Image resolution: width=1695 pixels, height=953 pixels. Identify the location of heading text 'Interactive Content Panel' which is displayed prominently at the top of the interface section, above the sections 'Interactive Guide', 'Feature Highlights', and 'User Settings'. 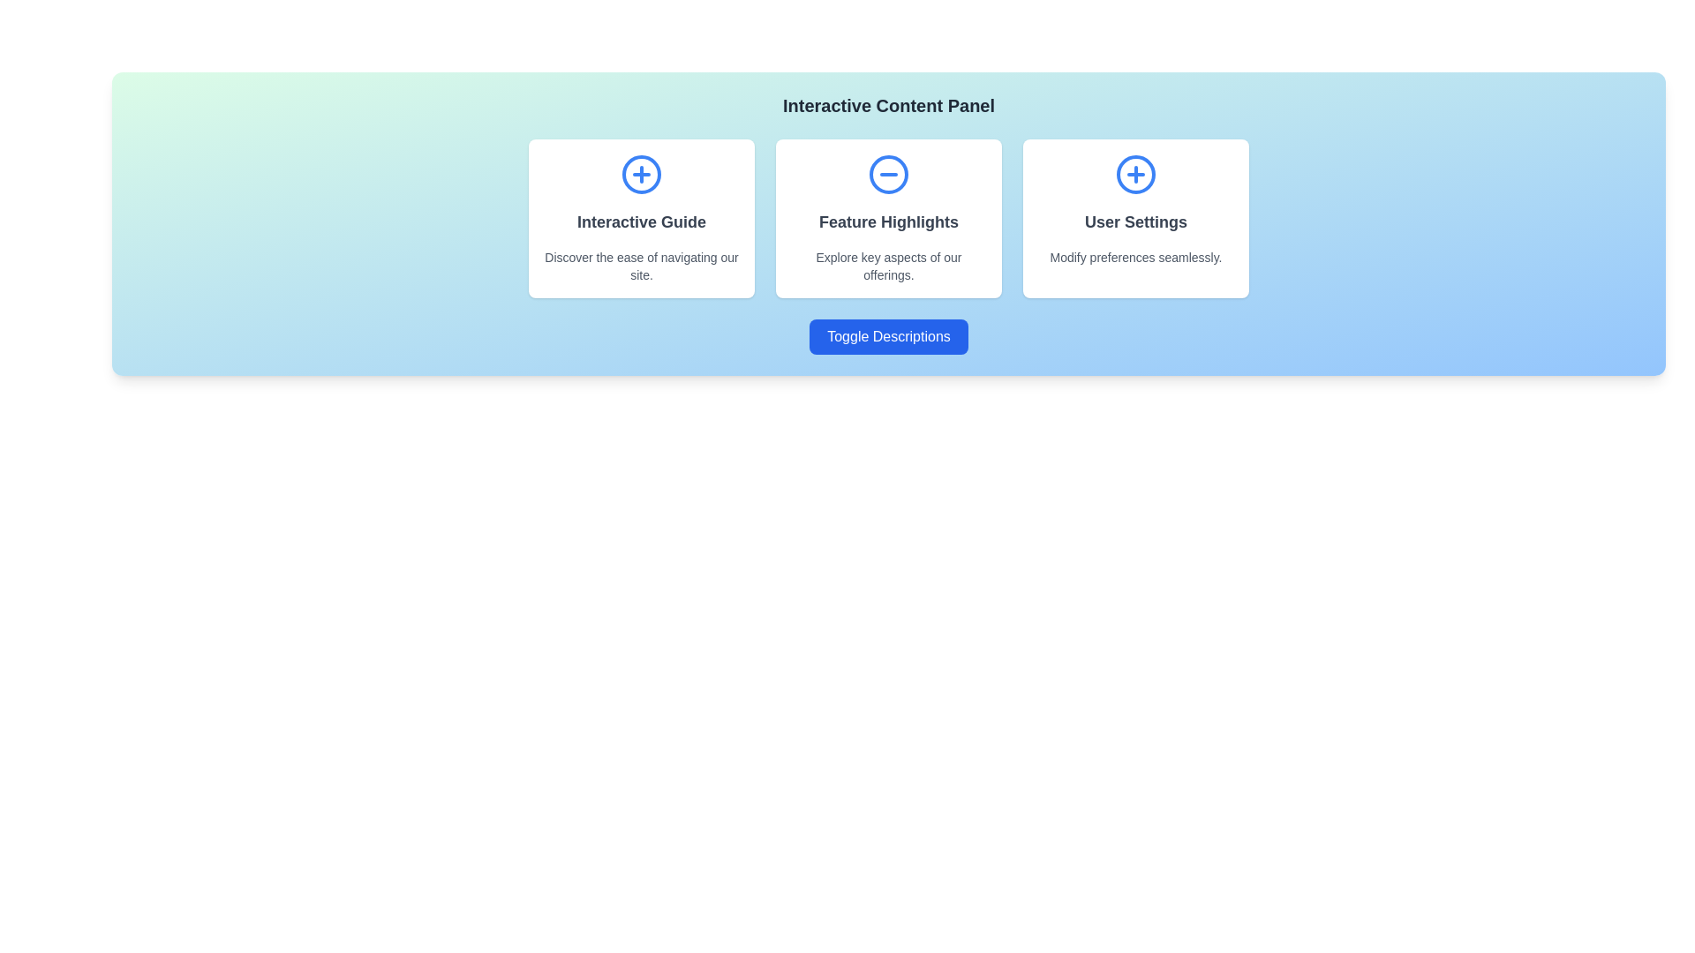
(889, 105).